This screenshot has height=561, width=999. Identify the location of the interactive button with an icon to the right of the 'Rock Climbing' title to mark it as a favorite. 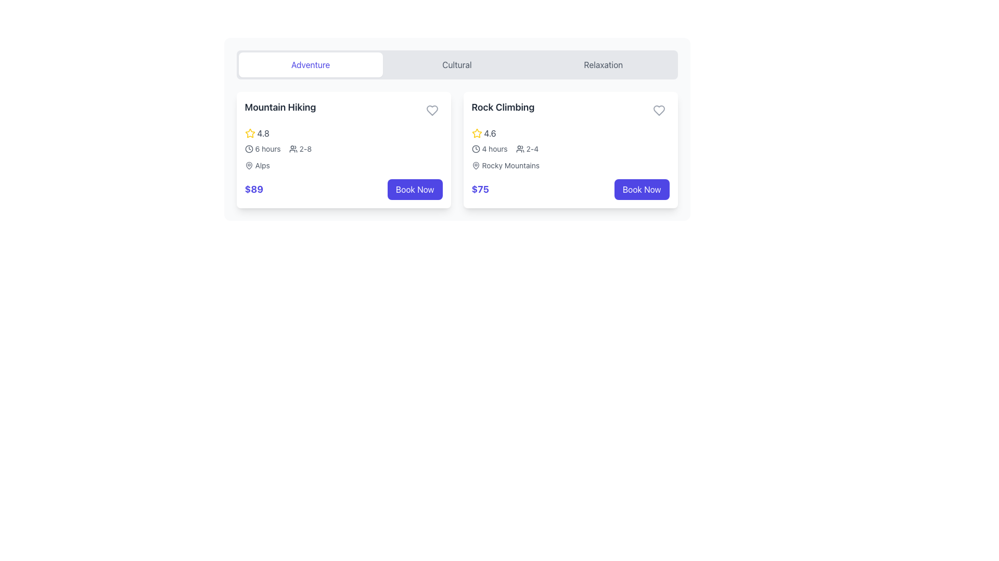
(658, 110).